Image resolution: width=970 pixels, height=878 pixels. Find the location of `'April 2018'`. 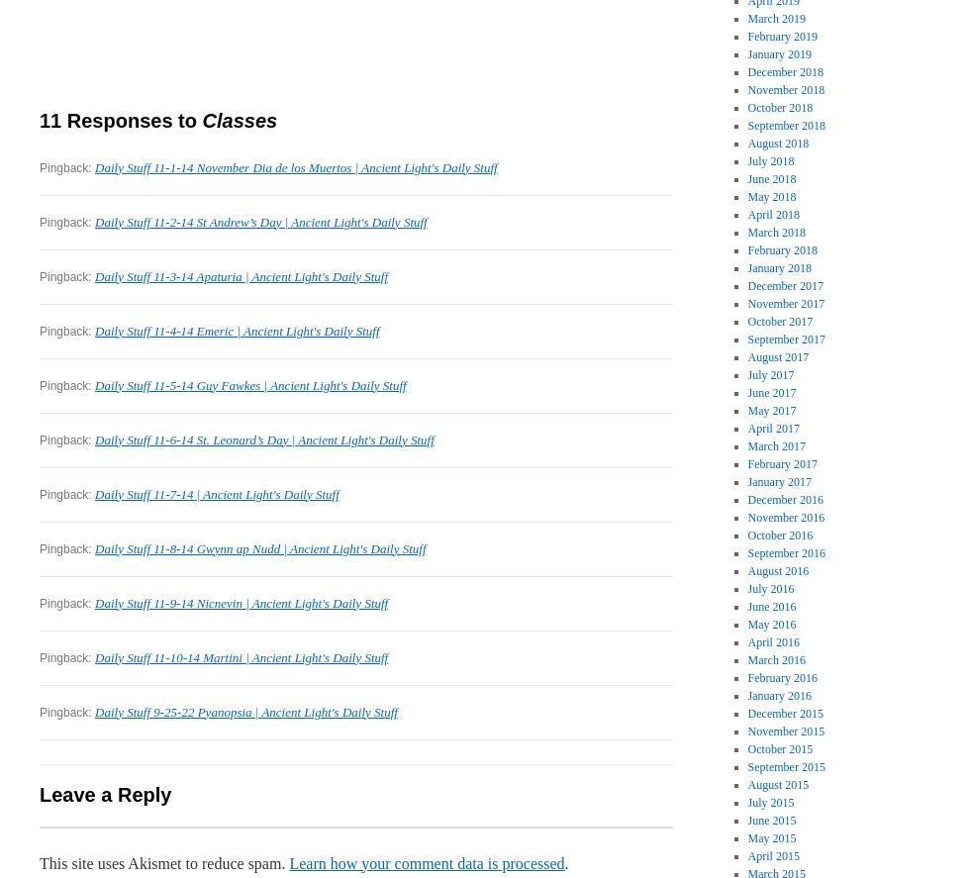

'April 2018' is located at coordinates (772, 214).